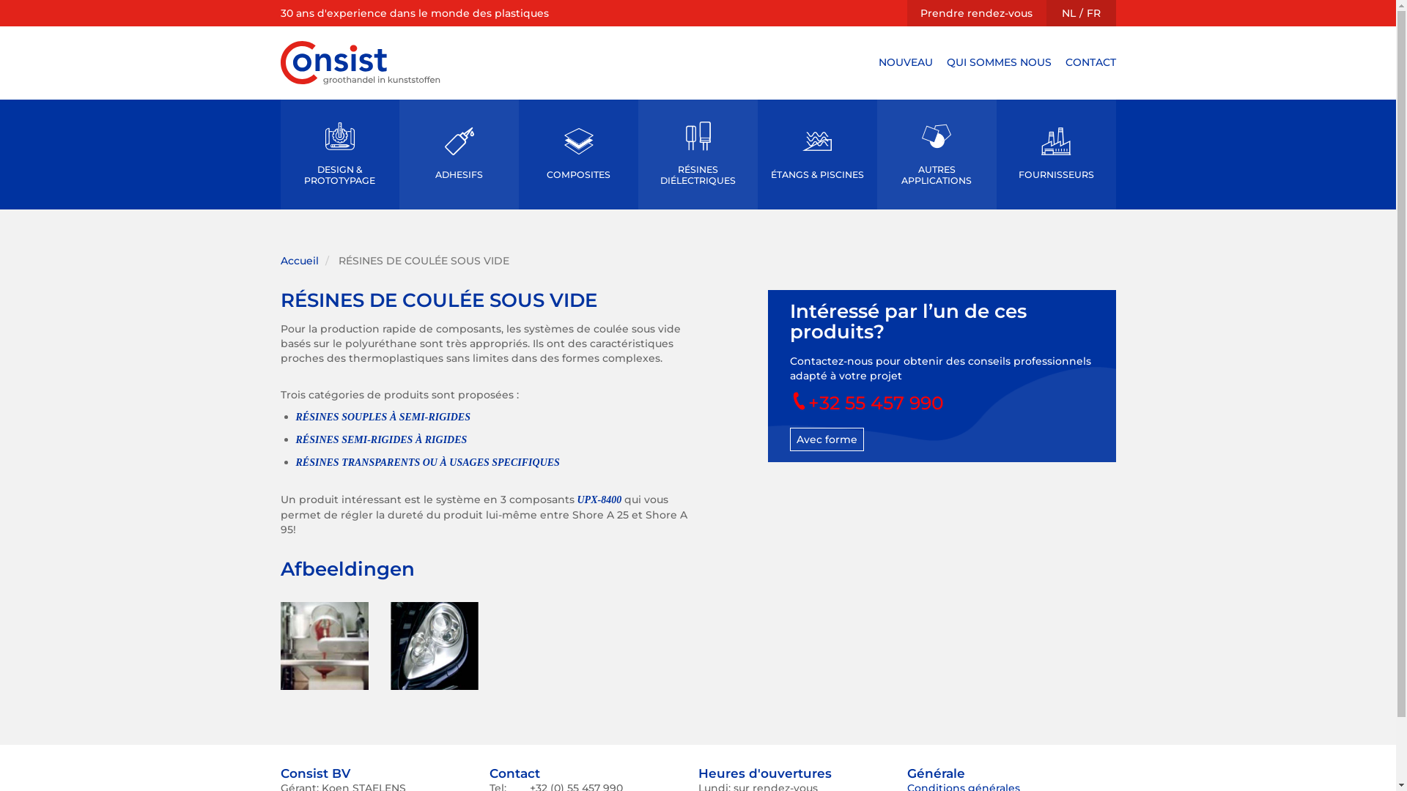  What do you see at coordinates (827, 439) in the screenshot?
I see `'Avec forme'` at bounding box center [827, 439].